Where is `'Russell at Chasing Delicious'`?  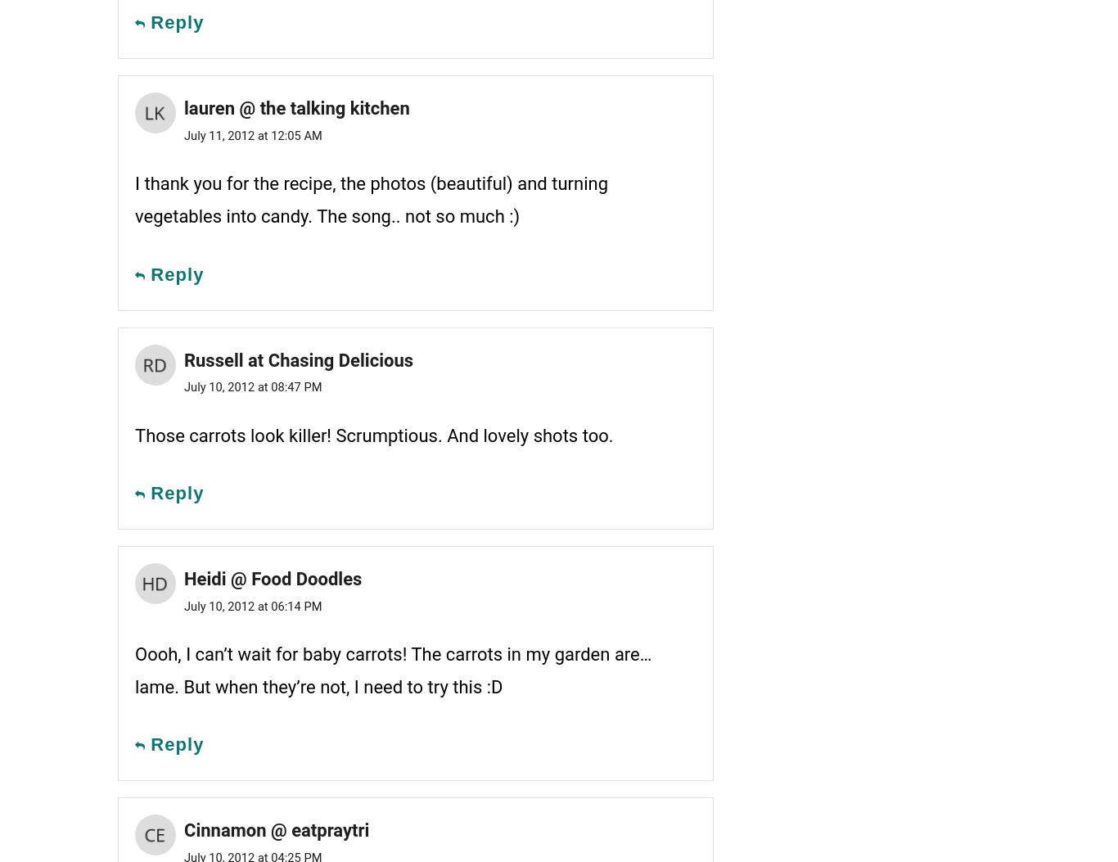 'Russell at Chasing Delicious' is located at coordinates (297, 359).